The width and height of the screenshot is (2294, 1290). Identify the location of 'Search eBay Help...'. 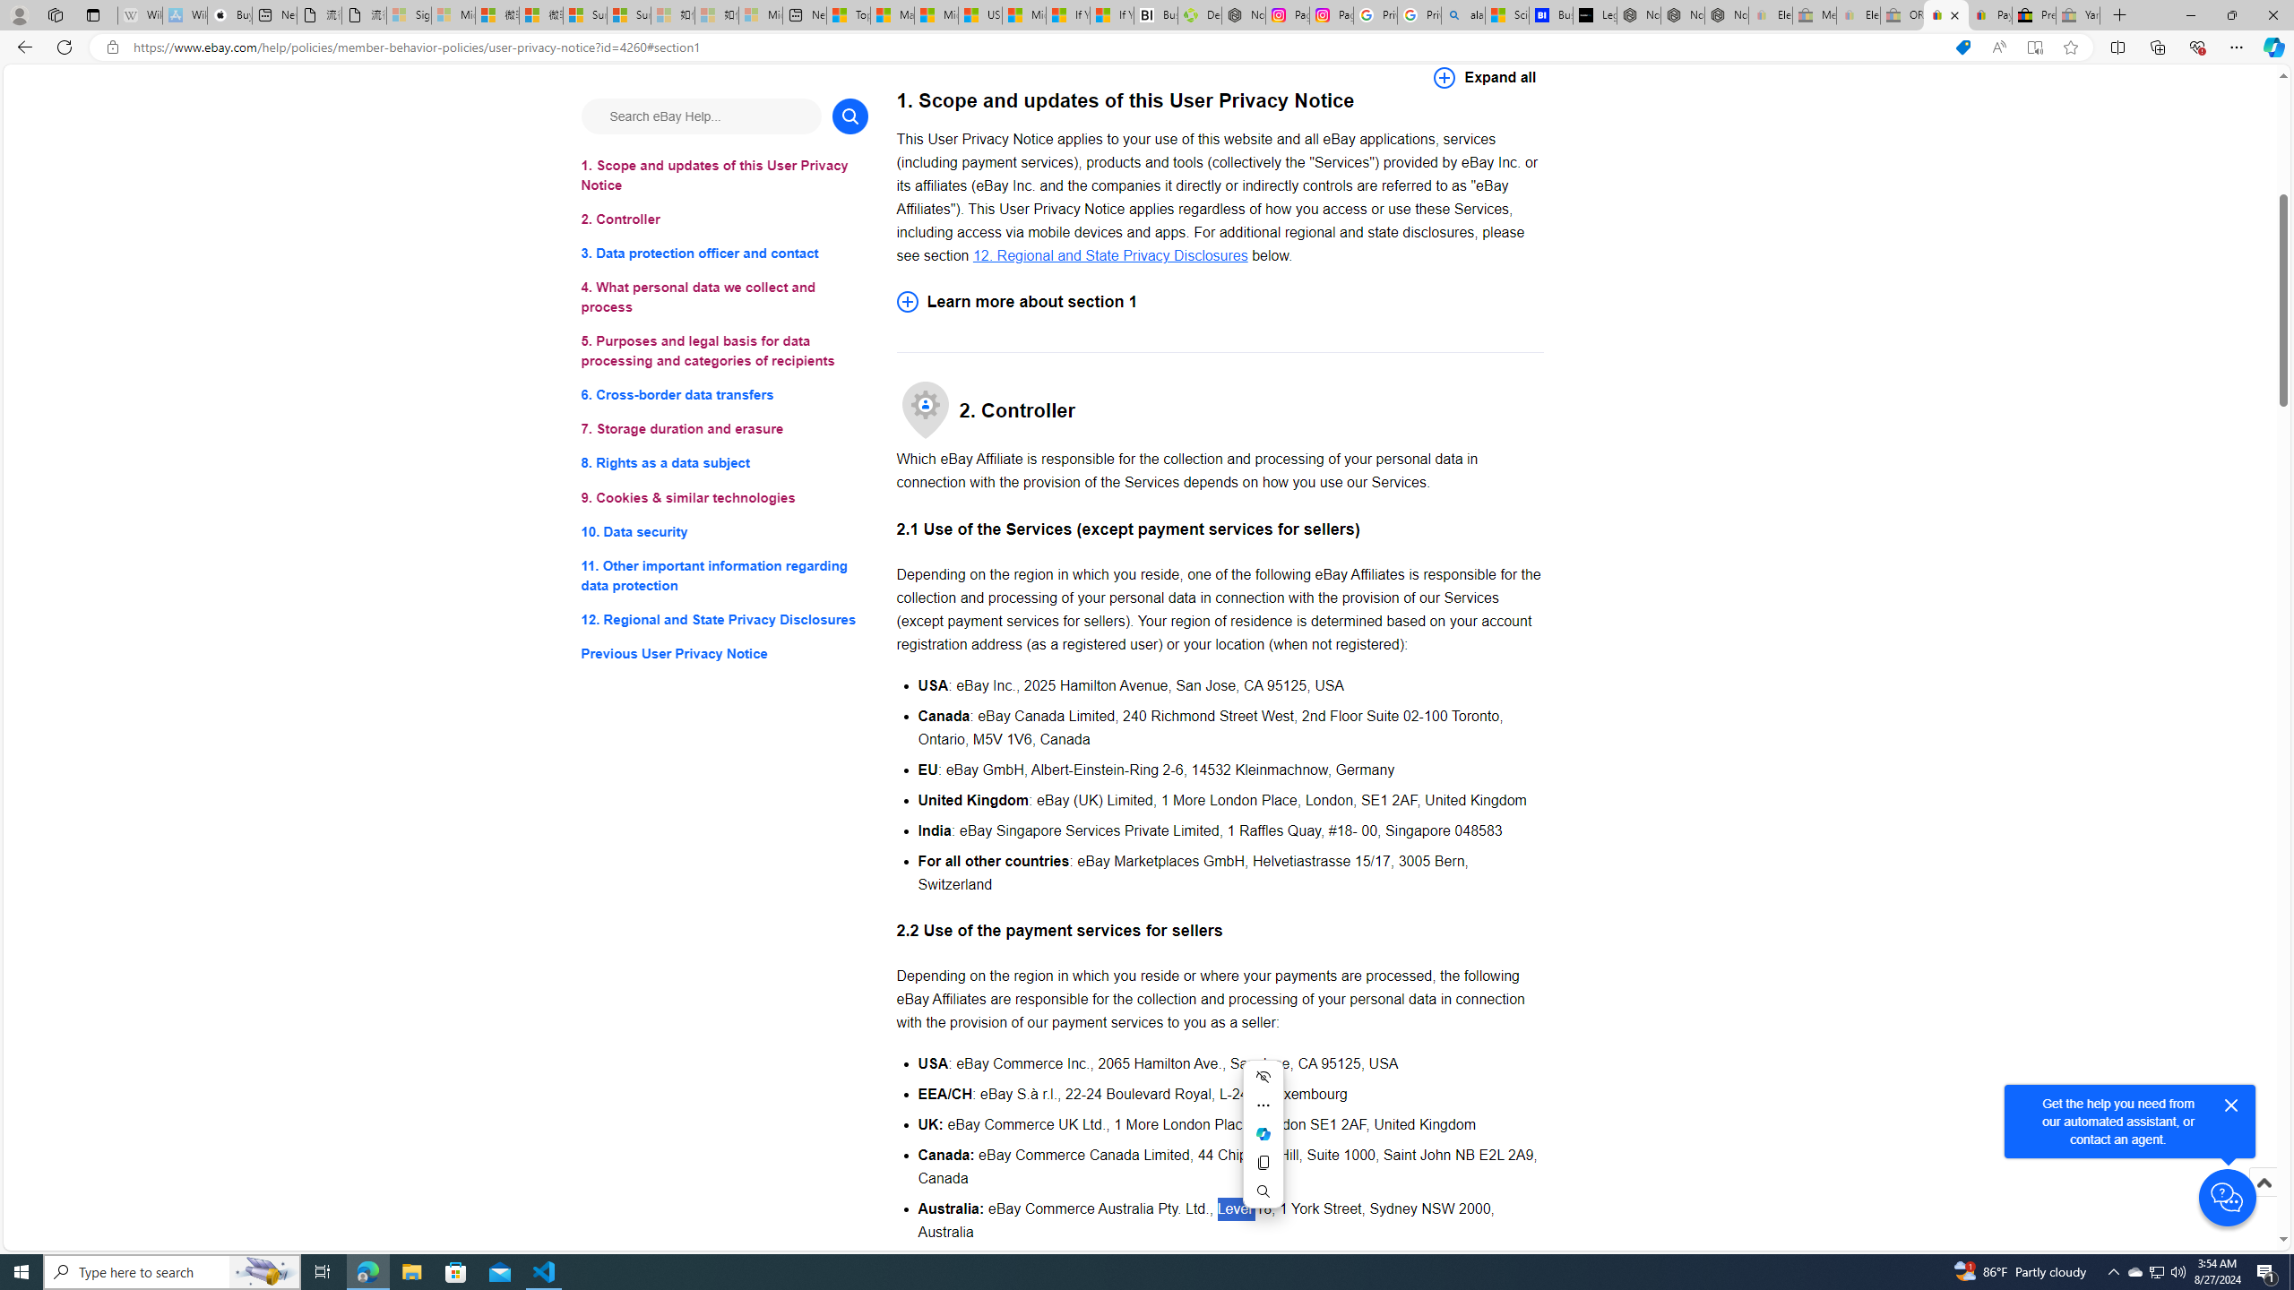
(701, 116).